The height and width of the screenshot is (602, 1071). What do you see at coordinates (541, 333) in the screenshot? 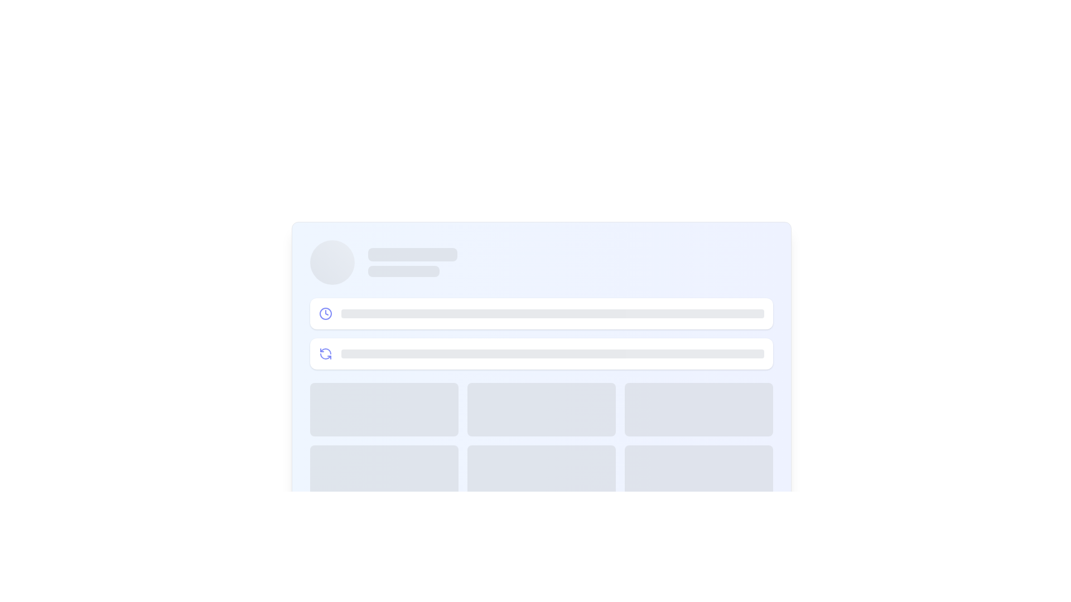
I see `vertically stacked group of two content blocks with blue icons and a loading indicator, located in the upper part of the interface` at bounding box center [541, 333].